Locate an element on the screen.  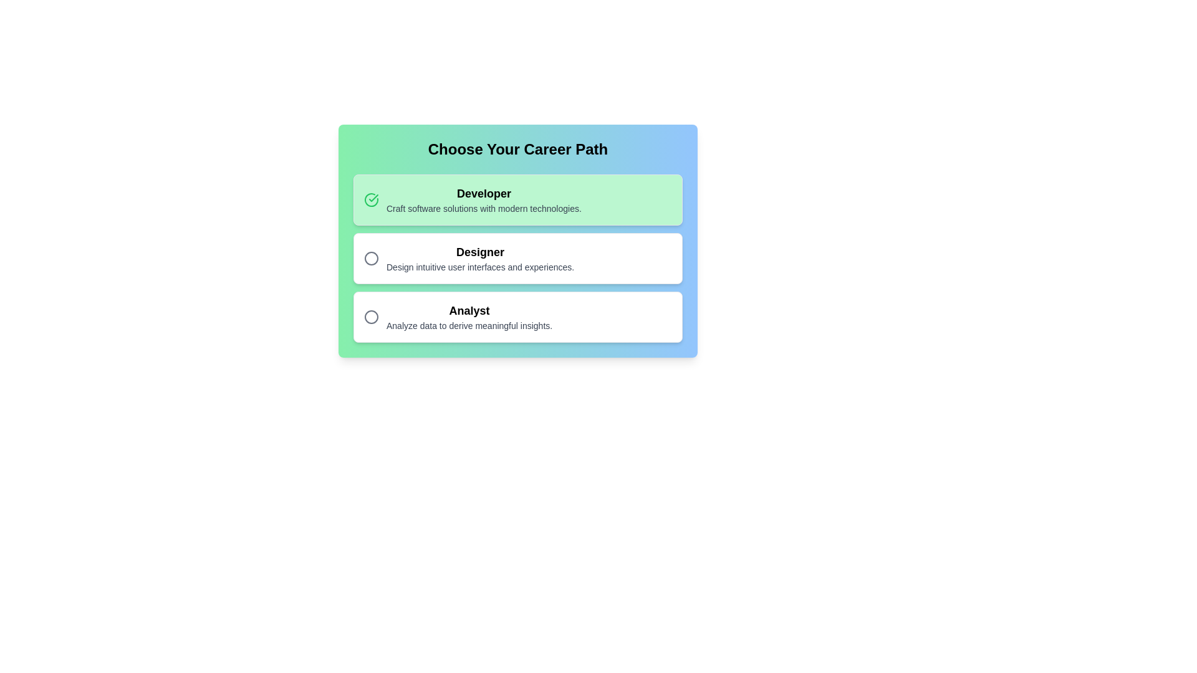
the circle graphic element that serves as a radio button in the 'Analyst' segment is located at coordinates (370, 317).